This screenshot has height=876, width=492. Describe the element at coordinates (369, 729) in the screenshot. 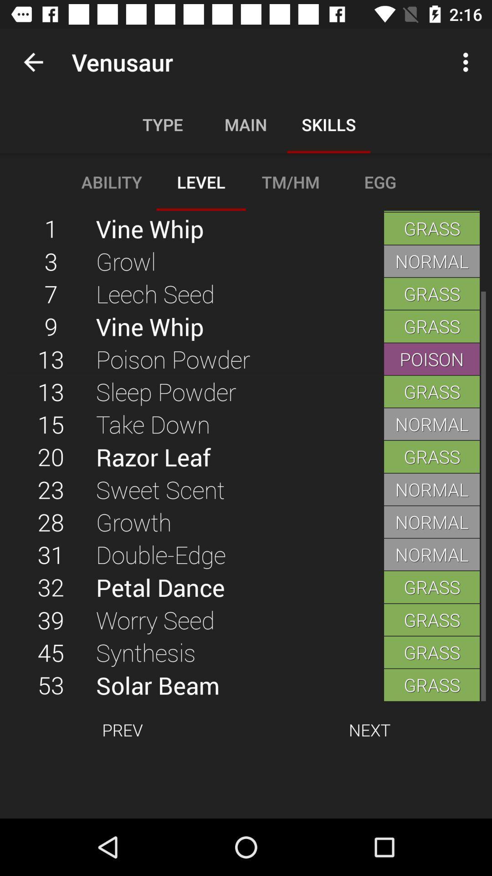

I see `the next icon` at that location.